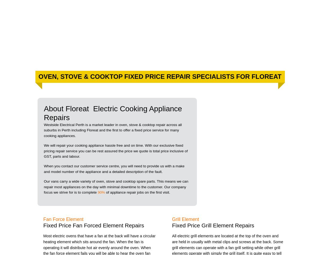 This screenshot has height=255, width=320. Describe the element at coordinates (137, 192) in the screenshot. I see `'of appliance repair jobs on the first visit.'` at that location.